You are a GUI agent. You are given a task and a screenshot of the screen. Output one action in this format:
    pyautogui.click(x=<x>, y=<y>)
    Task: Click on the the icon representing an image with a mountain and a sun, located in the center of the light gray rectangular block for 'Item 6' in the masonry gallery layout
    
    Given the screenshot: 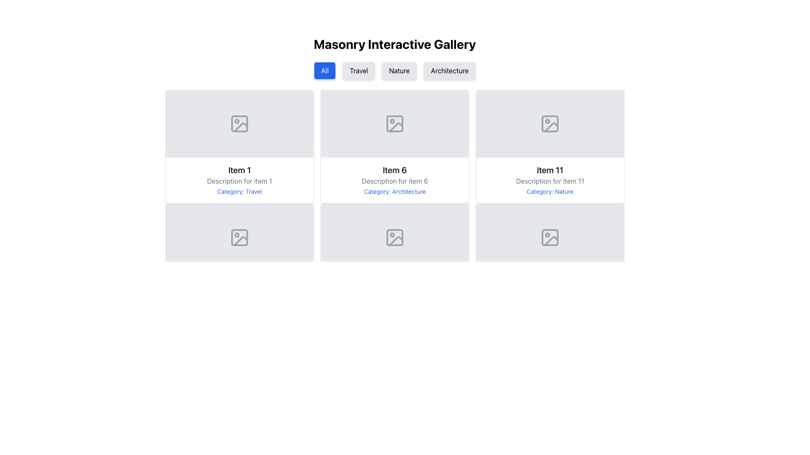 What is the action you would take?
    pyautogui.click(x=394, y=123)
    